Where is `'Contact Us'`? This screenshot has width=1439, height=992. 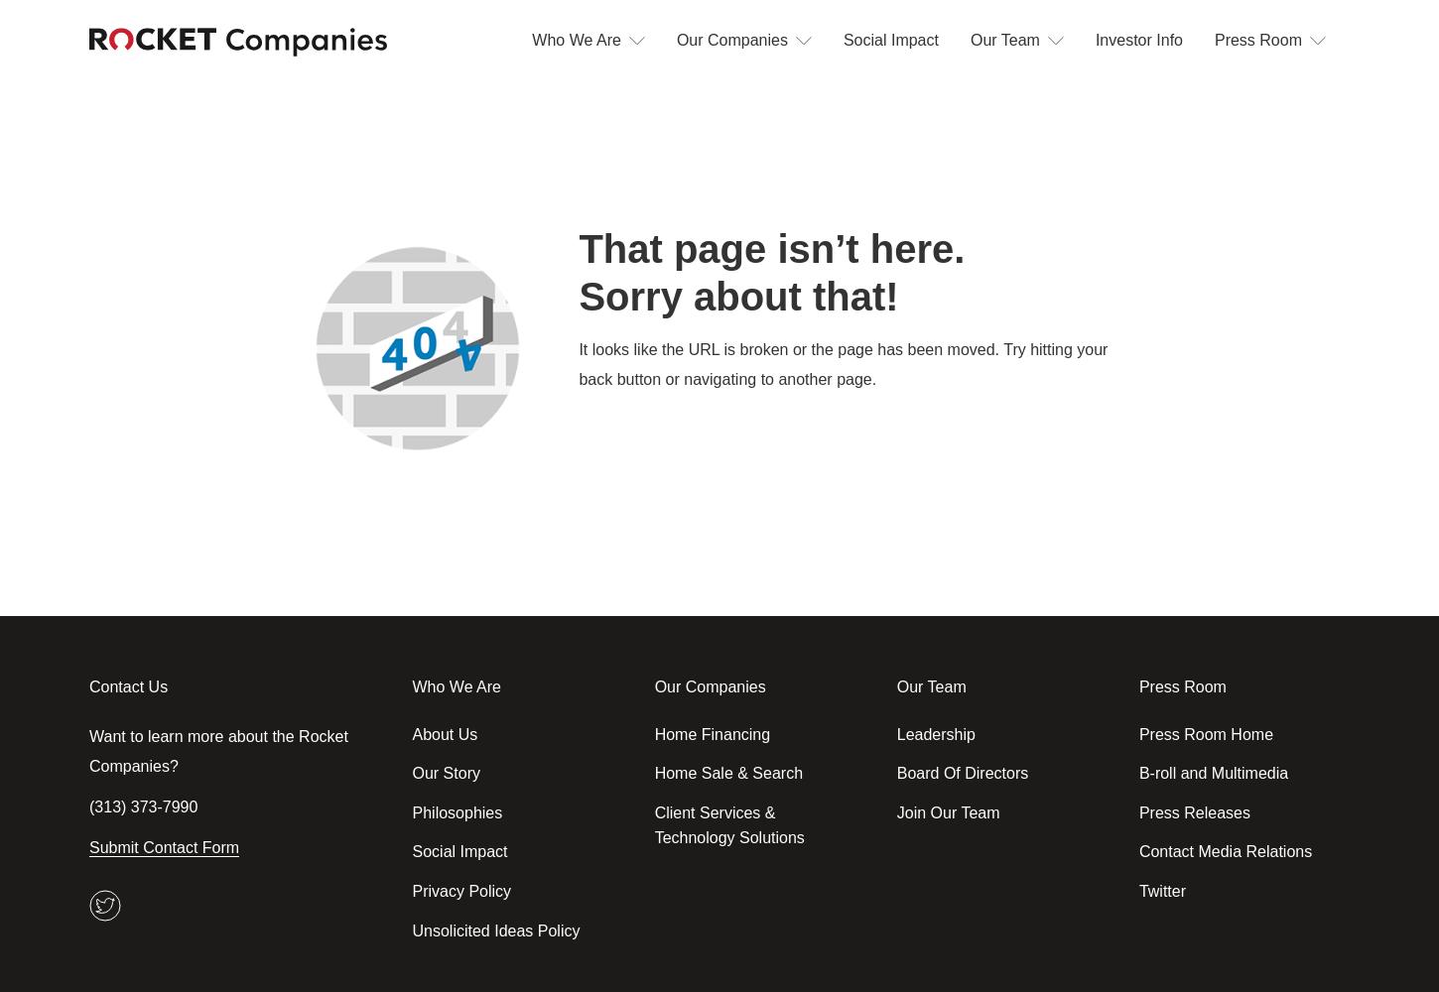 'Contact Us' is located at coordinates (127, 685).